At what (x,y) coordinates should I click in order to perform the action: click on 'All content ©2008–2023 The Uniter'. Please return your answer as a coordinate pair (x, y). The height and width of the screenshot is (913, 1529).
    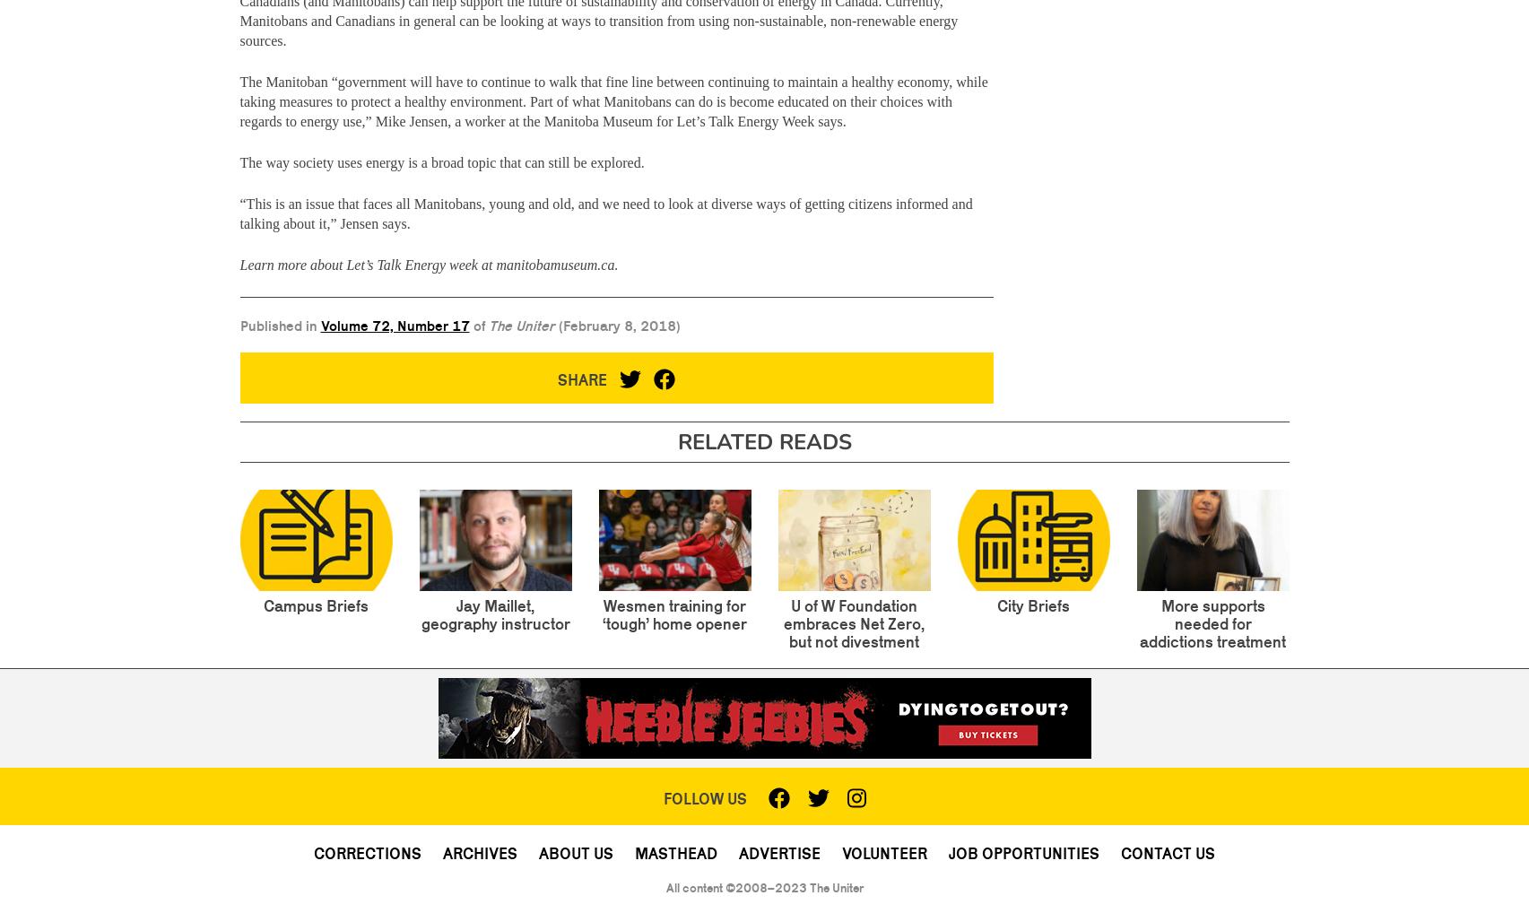
    Looking at the image, I should click on (763, 886).